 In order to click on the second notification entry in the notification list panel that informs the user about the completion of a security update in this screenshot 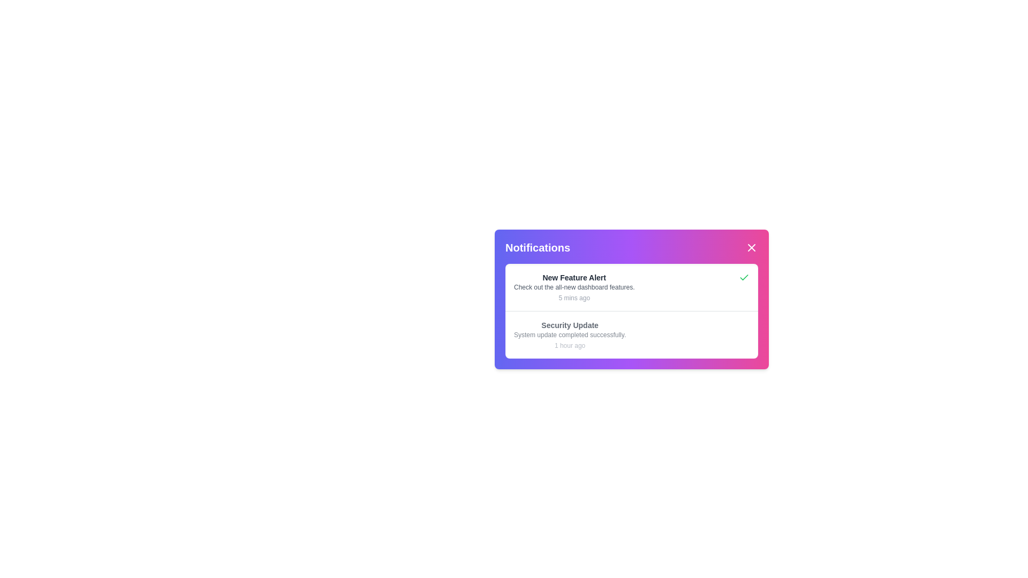, I will do `click(569, 334)`.